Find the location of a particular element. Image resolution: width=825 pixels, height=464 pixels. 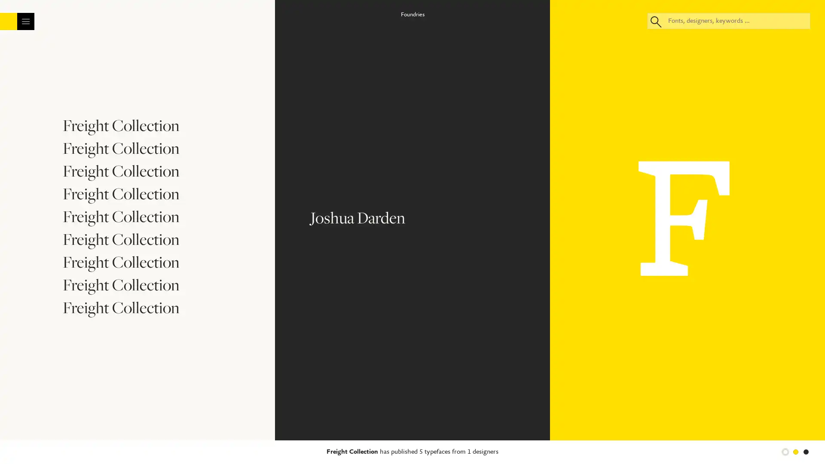

Subscribe is located at coordinates (412, 232).